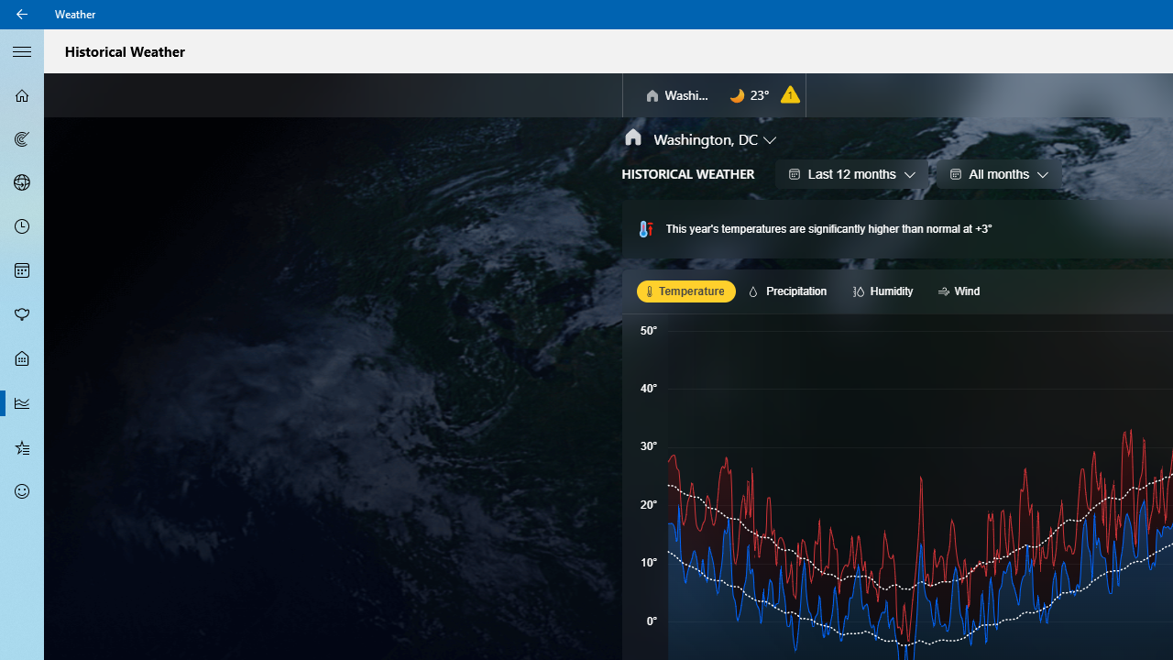  Describe the element at coordinates (22, 270) in the screenshot. I see `'Monthly Forecast - Not Selected'` at that location.